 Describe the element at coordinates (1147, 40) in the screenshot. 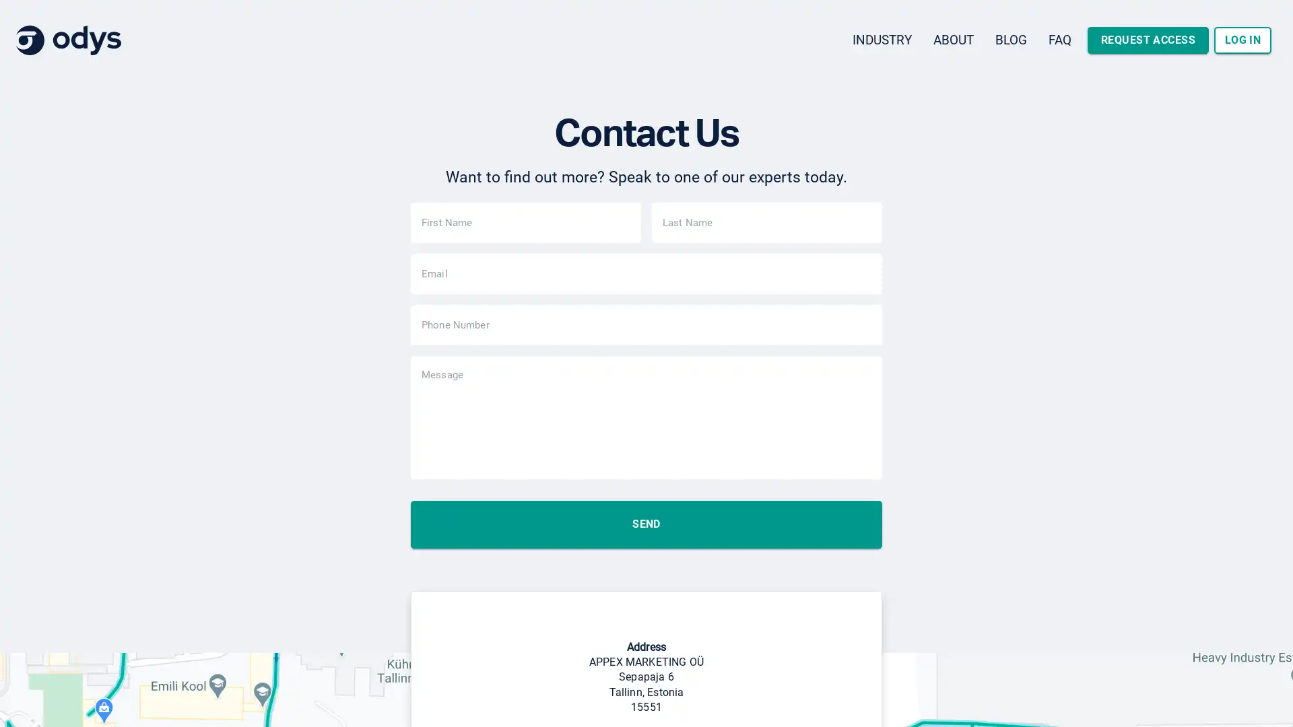

I see `REQUEST ACCESS` at that location.